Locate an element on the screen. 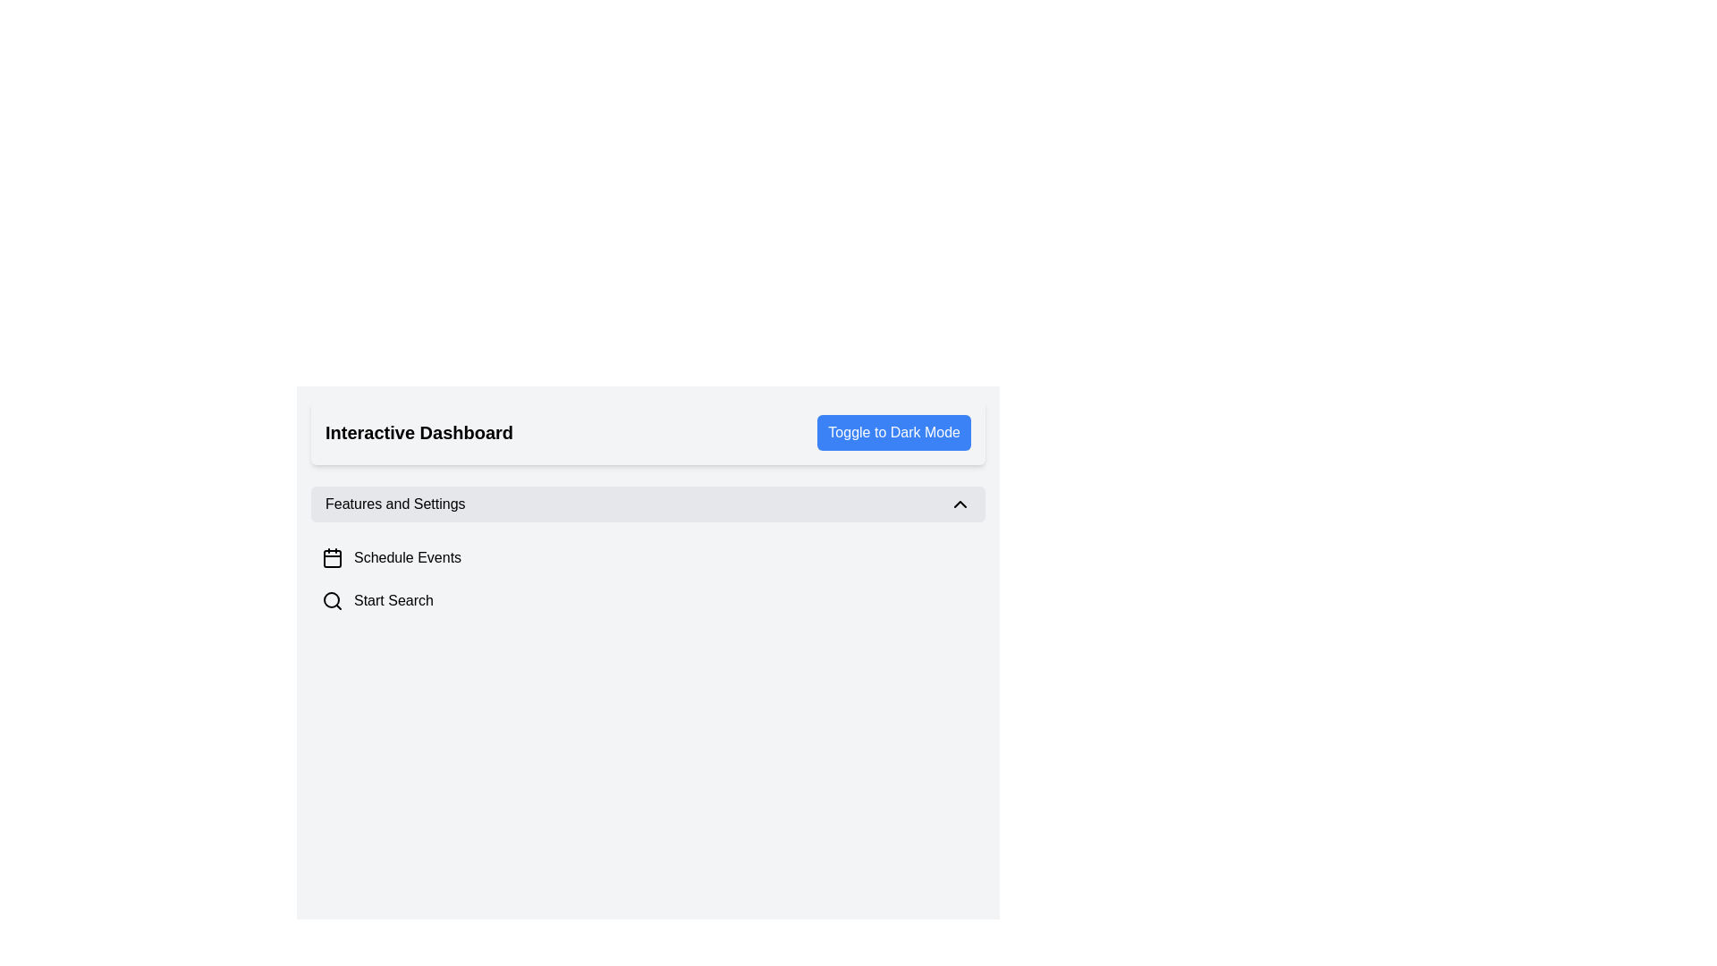 The width and height of the screenshot is (1717, 966). the text label reading 'Features and Settings' which is styled with a black font on a light gray background is located at coordinates (394, 504).